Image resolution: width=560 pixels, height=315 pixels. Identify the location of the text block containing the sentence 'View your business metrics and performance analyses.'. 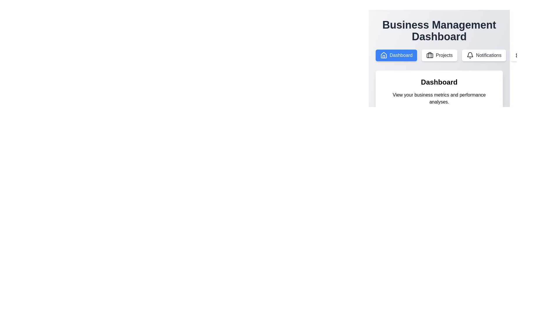
(439, 98).